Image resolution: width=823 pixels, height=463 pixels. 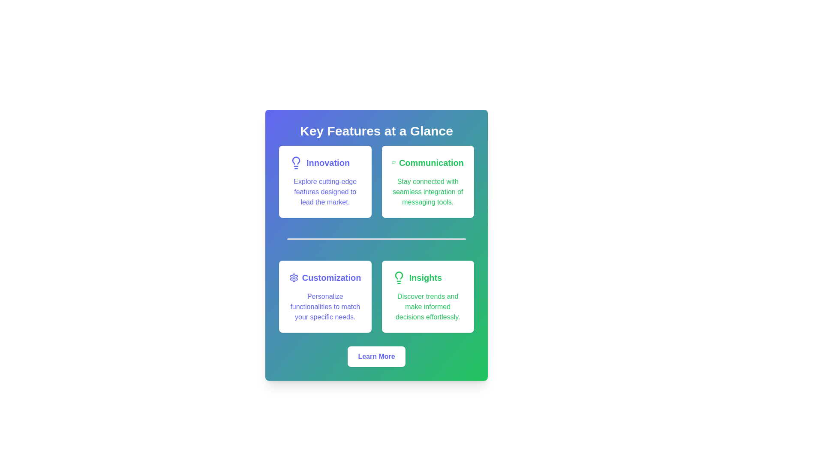 What do you see at coordinates (294, 278) in the screenshot?
I see `the customization icon located to the left of the 'Customization' text, which represents settings or personalization options` at bounding box center [294, 278].